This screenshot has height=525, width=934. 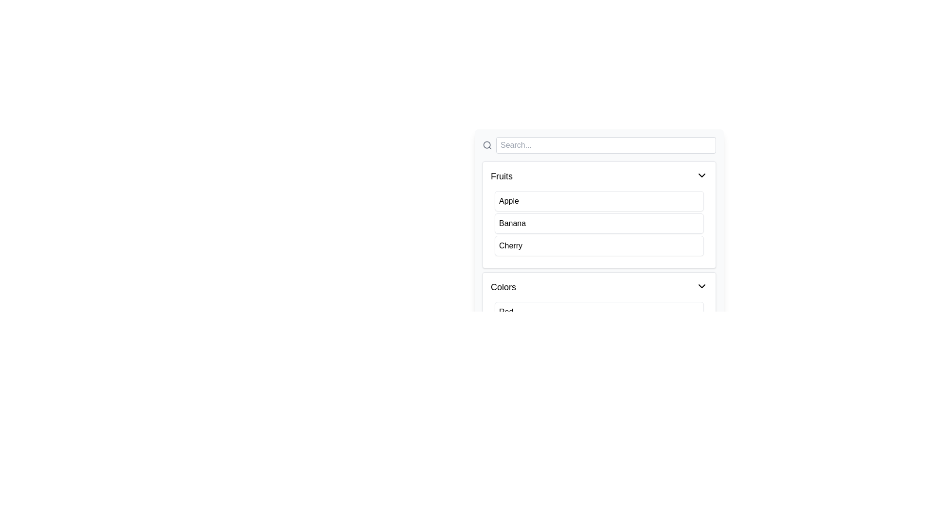 I want to click on the first selectable item in the 'Fruits' category, which represents 'Apple', so click(x=599, y=200).